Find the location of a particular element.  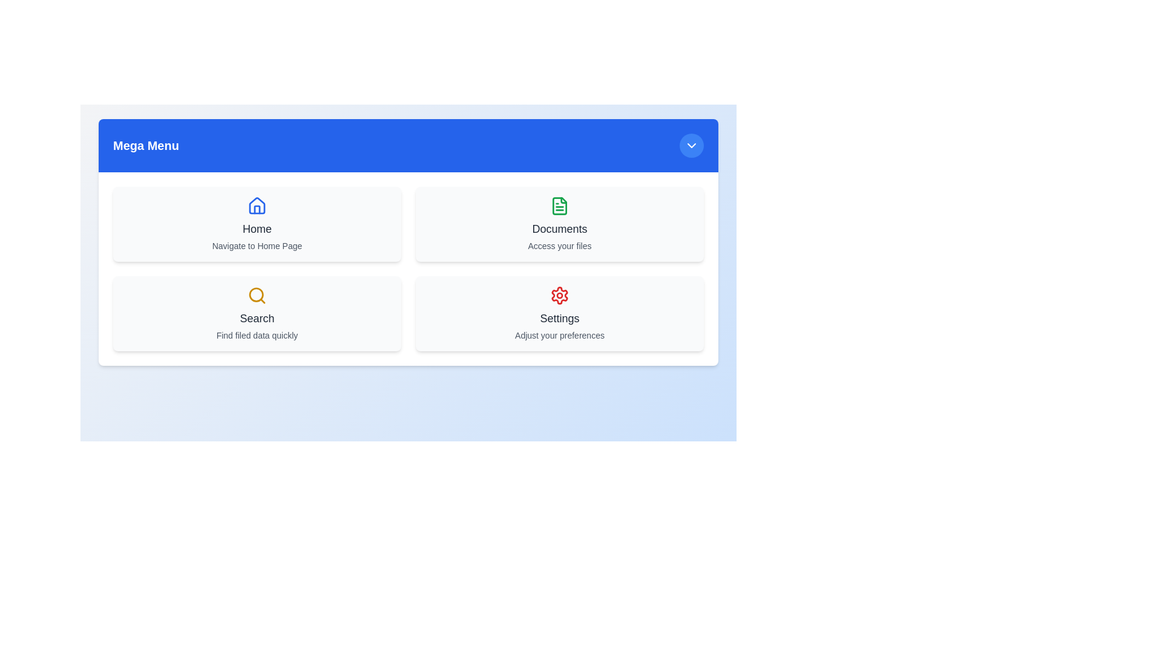

the 'Settings' card to adjust preferences is located at coordinates (559, 313).